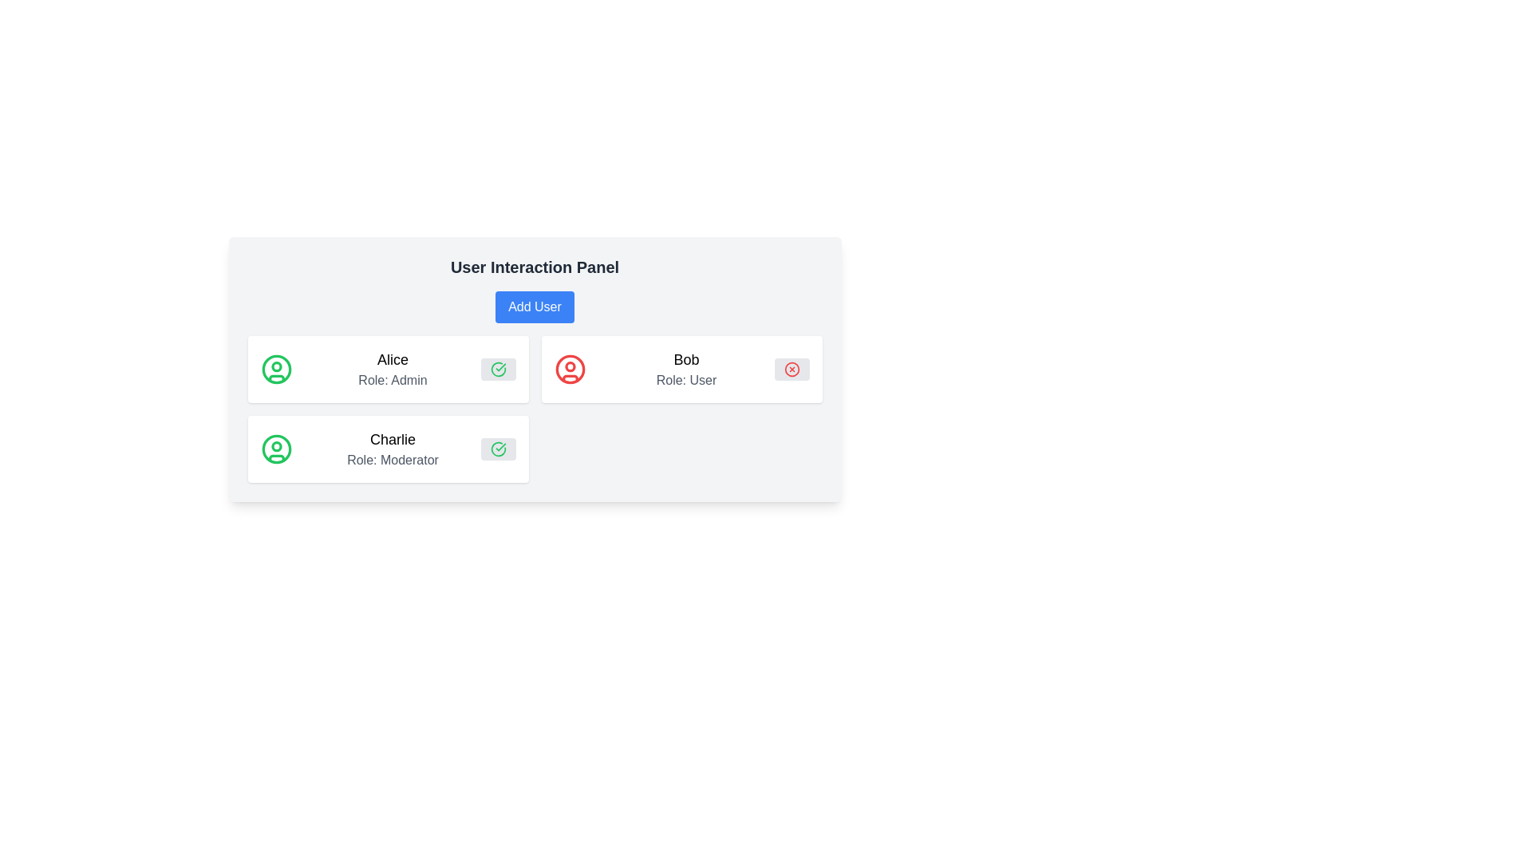 The image size is (1532, 862). Describe the element at coordinates (570, 369) in the screenshot. I see `the red circular profile icon representing the user 'Bob' within the user information card labeled 'Role: User'` at that location.